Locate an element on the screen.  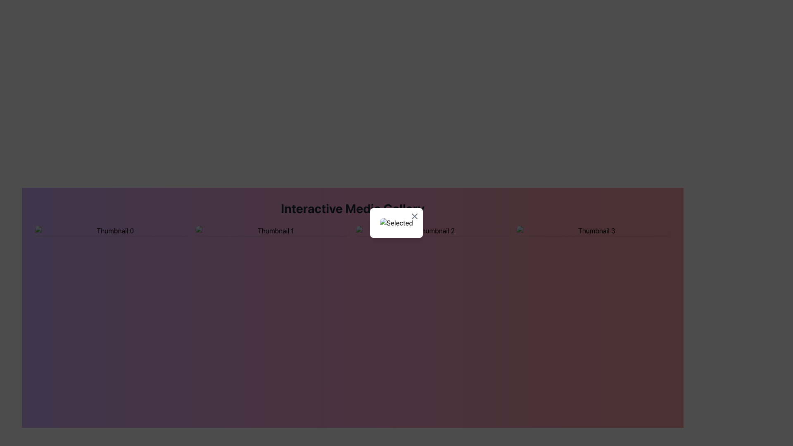
the close button icon located at the top-right of the 'Selected' popup modal is located at coordinates (414, 216).